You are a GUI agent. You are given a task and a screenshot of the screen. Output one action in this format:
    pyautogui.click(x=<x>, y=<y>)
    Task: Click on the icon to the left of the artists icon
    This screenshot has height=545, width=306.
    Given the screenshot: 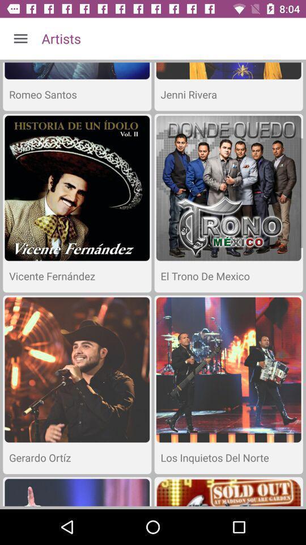 What is the action you would take?
    pyautogui.click(x=20, y=39)
    